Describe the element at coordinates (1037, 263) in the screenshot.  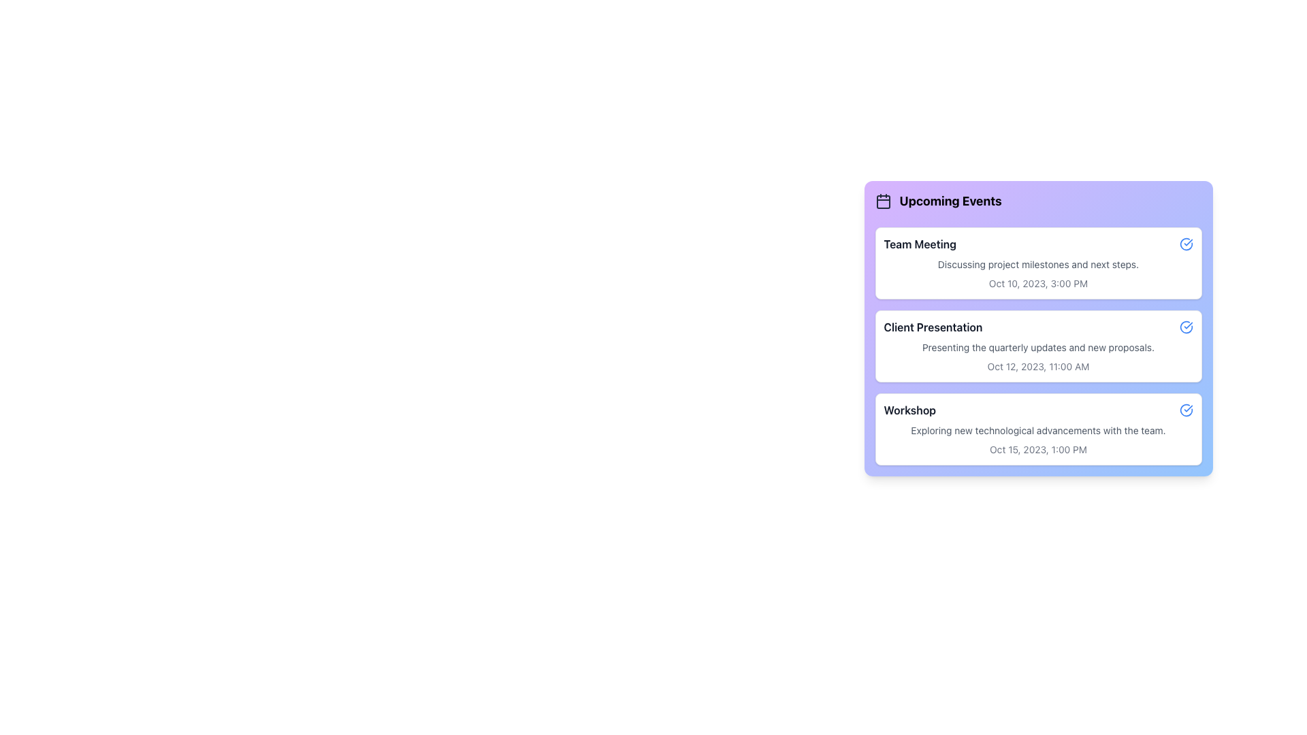
I see `the Event Information Card that represents a meeting entry, located as the first item in the 'Upcoming Events' section` at that location.